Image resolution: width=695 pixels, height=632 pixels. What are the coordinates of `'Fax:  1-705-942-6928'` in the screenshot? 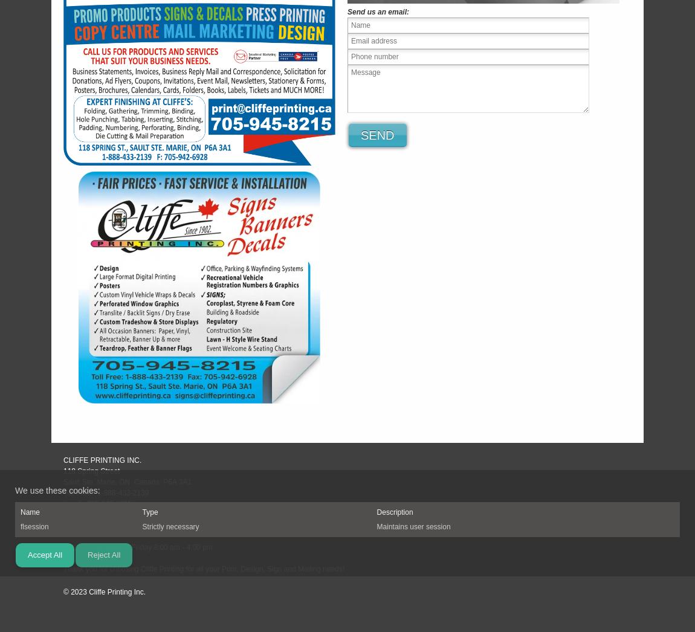 It's located at (97, 514).